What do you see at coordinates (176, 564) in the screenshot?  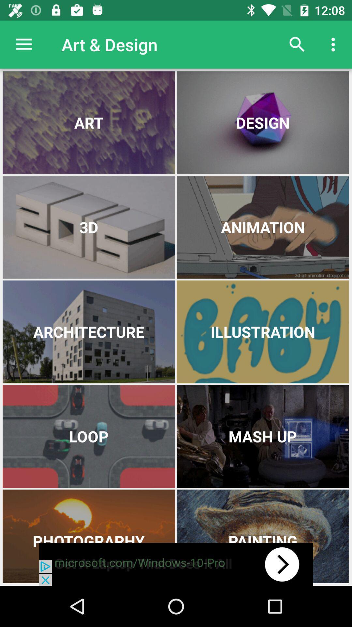 I see `advertisement bar` at bounding box center [176, 564].